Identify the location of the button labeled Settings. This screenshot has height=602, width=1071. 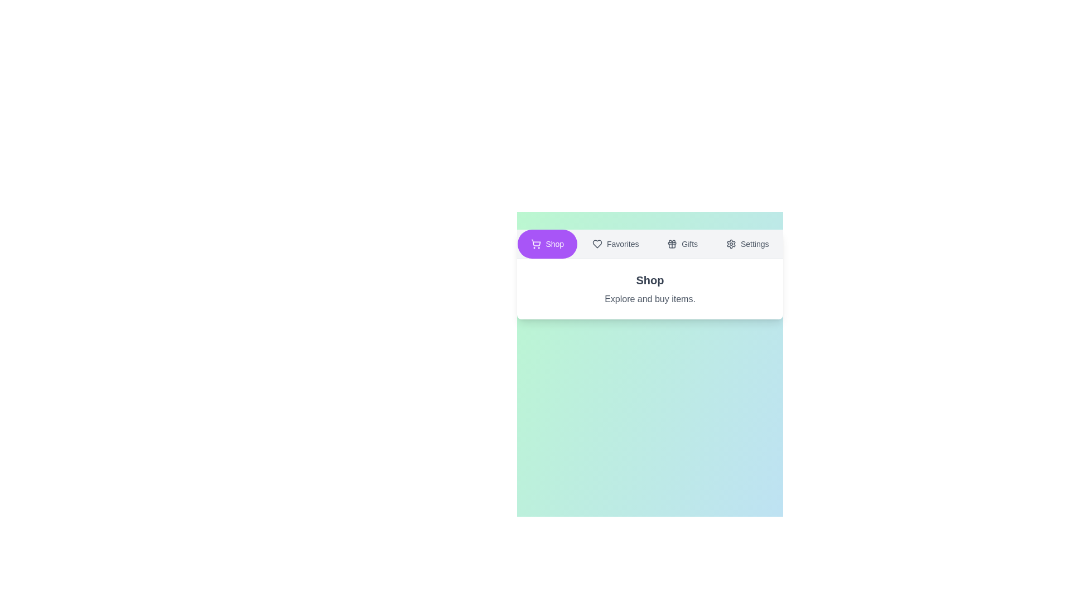
(747, 244).